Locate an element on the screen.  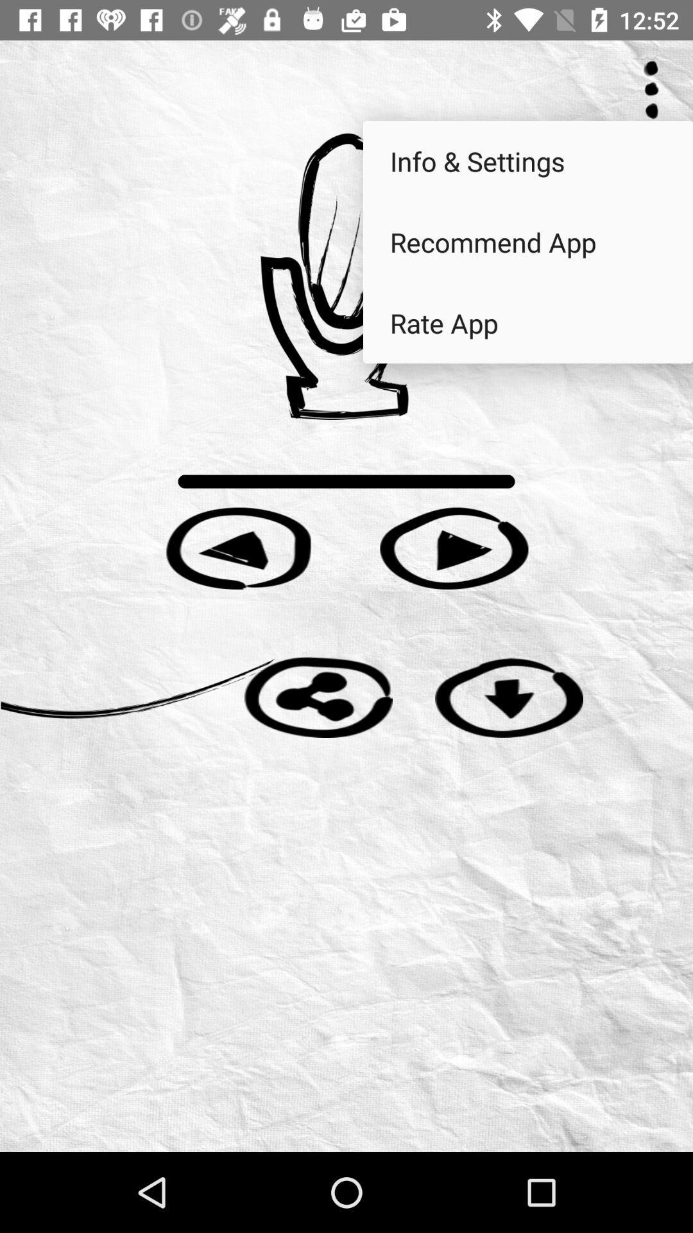
cartoon microphone is located at coordinates (346, 275).